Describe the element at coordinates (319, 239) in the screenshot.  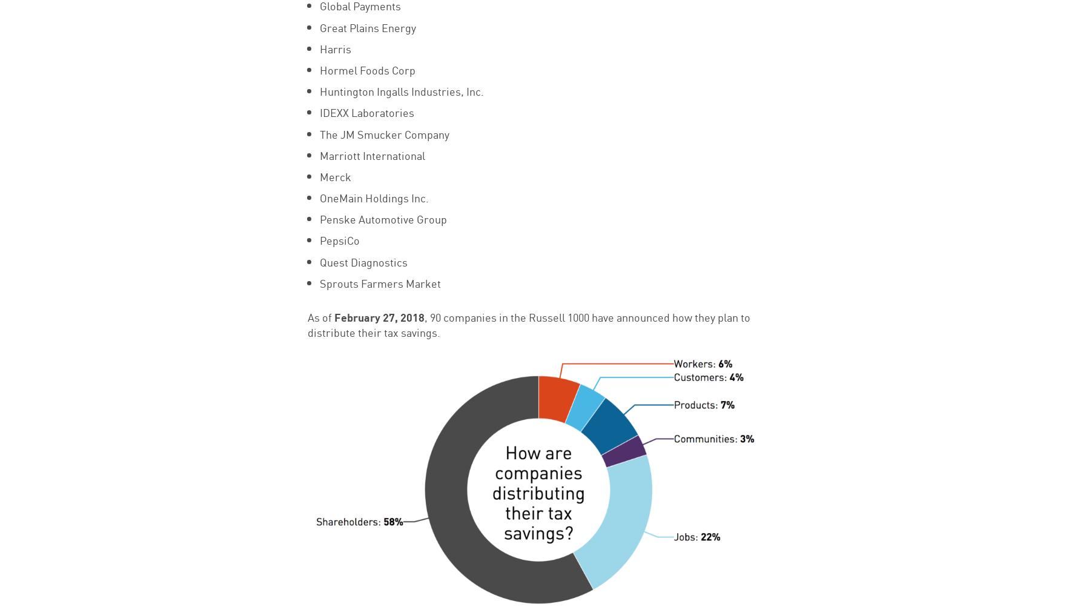
I see `'PepsiCo'` at that location.